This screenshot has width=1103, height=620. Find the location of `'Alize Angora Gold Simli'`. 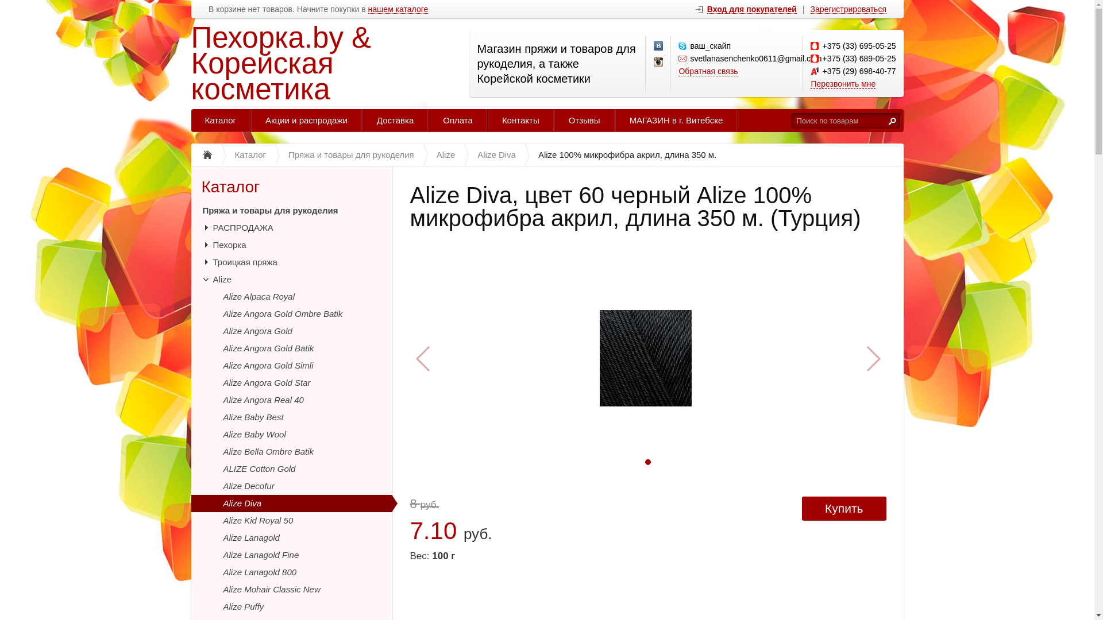

'Alize Angora Gold Simli' is located at coordinates (291, 365).